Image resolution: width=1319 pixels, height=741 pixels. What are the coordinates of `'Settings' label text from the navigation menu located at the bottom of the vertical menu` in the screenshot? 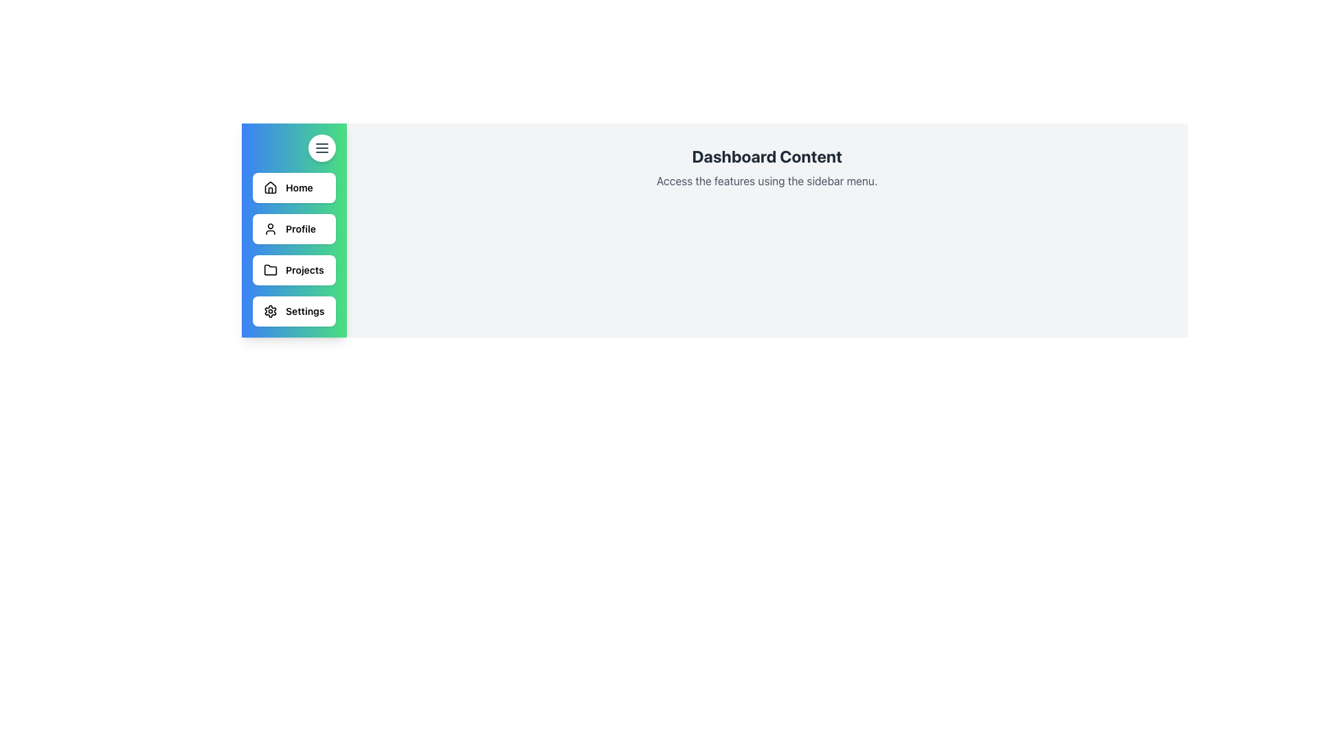 It's located at (304, 311).